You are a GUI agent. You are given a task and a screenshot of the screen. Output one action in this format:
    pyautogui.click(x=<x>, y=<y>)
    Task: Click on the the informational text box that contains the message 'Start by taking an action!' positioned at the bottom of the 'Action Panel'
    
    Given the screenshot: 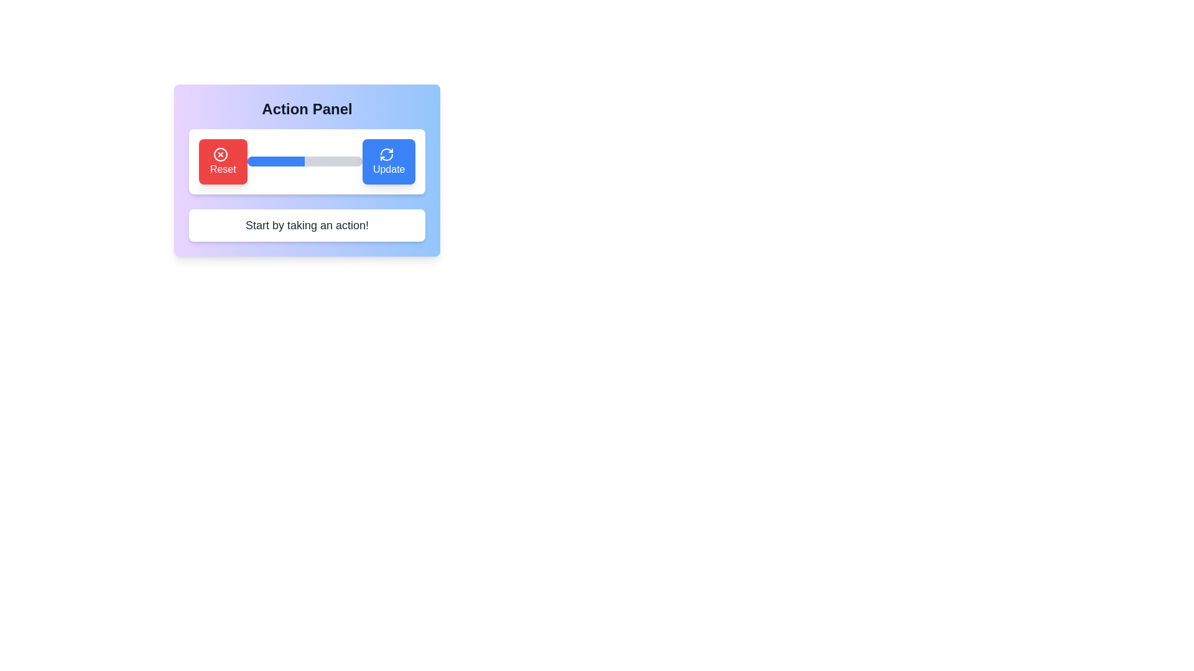 What is the action you would take?
    pyautogui.click(x=307, y=225)
    